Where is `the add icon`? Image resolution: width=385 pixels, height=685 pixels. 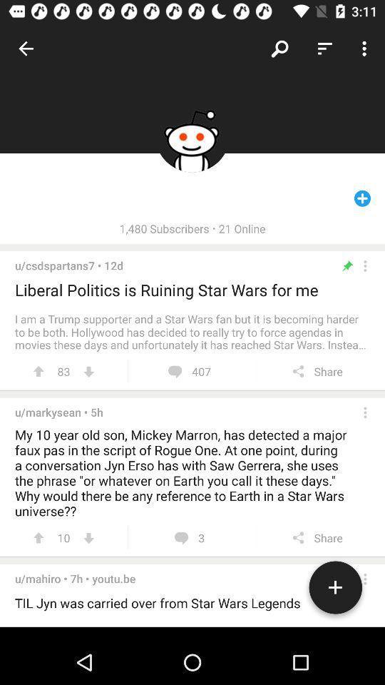
the add icon is located at coordinates (335, 590).